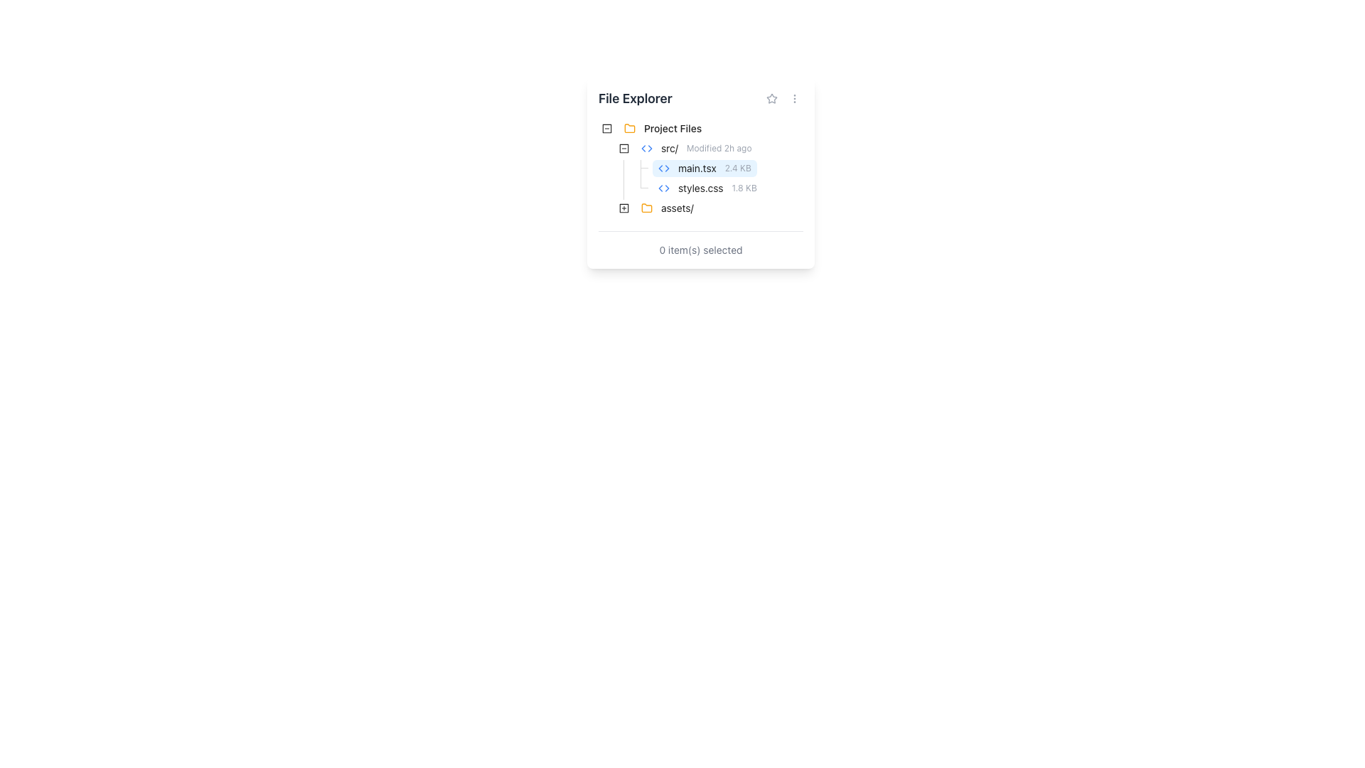 The image size is (1365, 768). Describe the element at coordinates (771, 97) in the screenshot. I see `the star-shaped icon button with a gray outline to mark it as favorite, which is the first element in a horizontal grouping located in the 'File Explorer' block` at that location.